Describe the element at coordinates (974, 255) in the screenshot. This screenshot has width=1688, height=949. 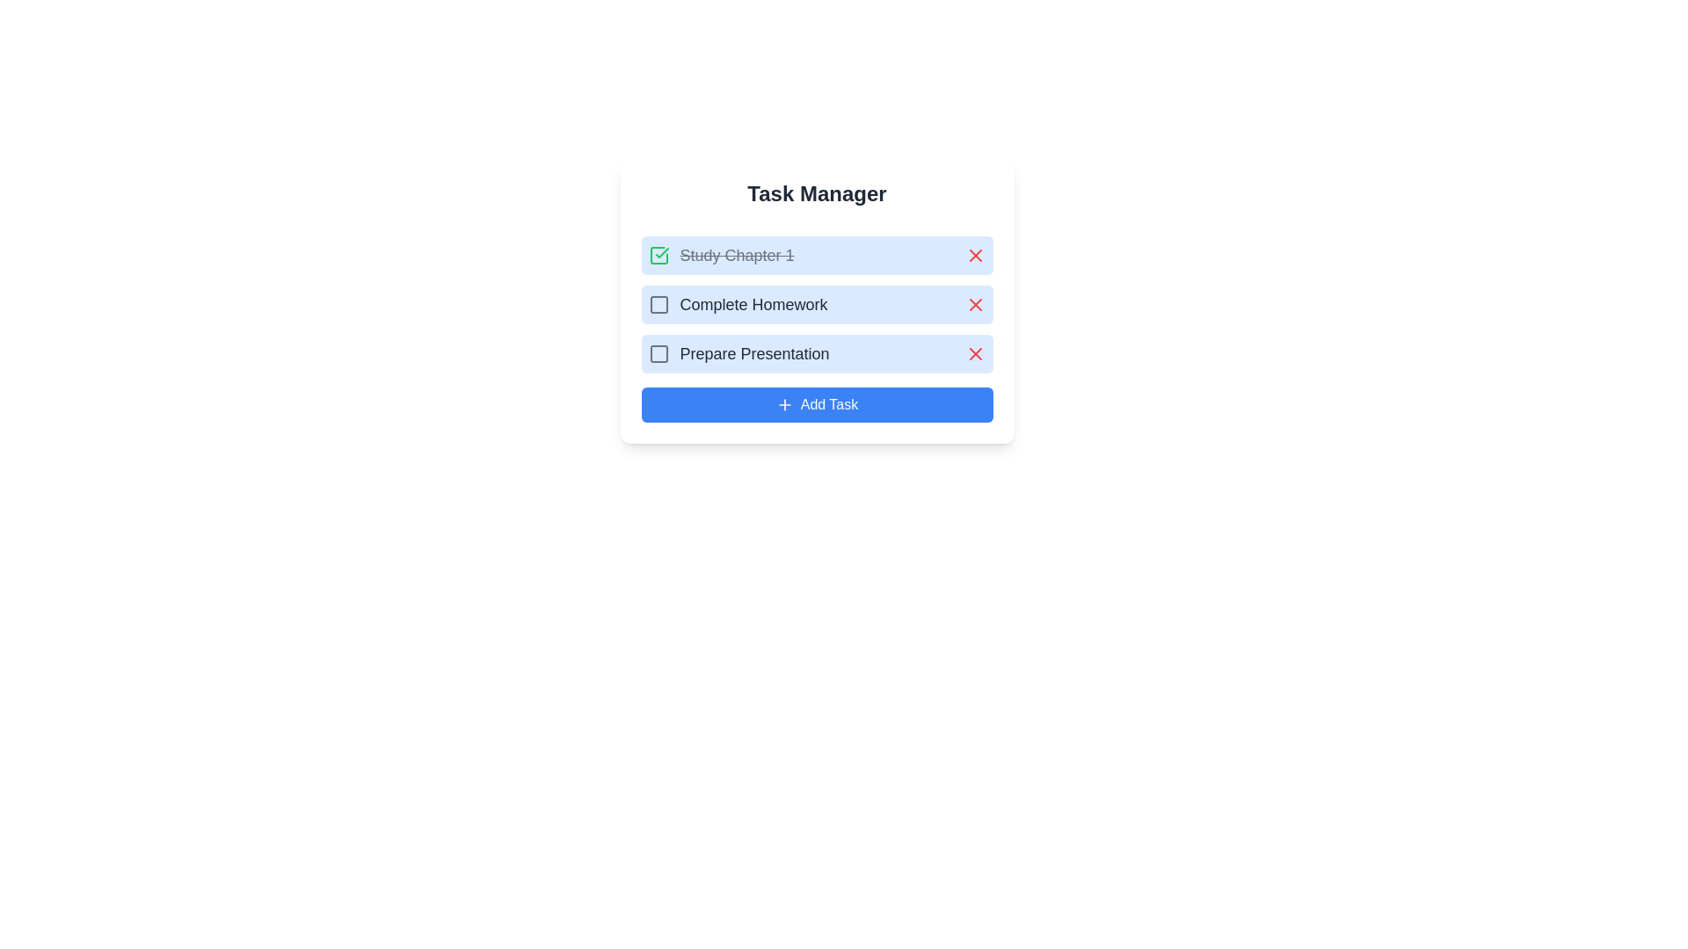
I see `the red cross icon Delete Button located at the end of the row corresponding to 'Study Chapter 1' in the task list` at that location.